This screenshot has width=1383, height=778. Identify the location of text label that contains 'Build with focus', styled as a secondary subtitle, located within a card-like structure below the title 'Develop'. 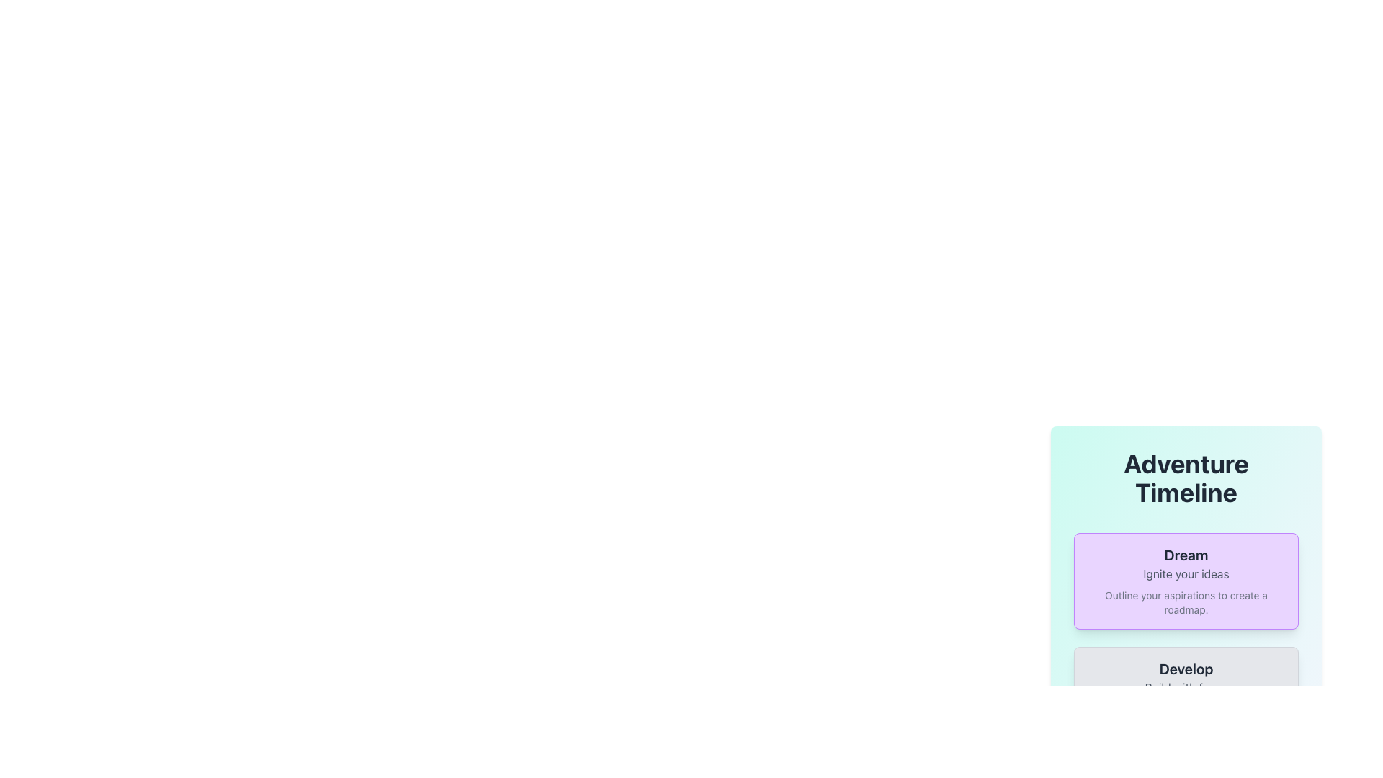
(1186, 687).